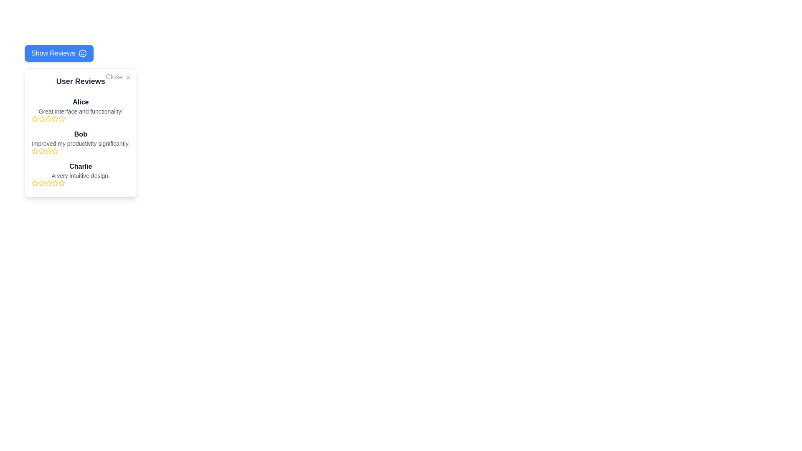  Describe the element at coordinates (61, 183) in the screenshot. I see `the fifth star rating icon, which is styled in yellow with a four-point outline and located under the review section labeled 'Charlie'` at that location.